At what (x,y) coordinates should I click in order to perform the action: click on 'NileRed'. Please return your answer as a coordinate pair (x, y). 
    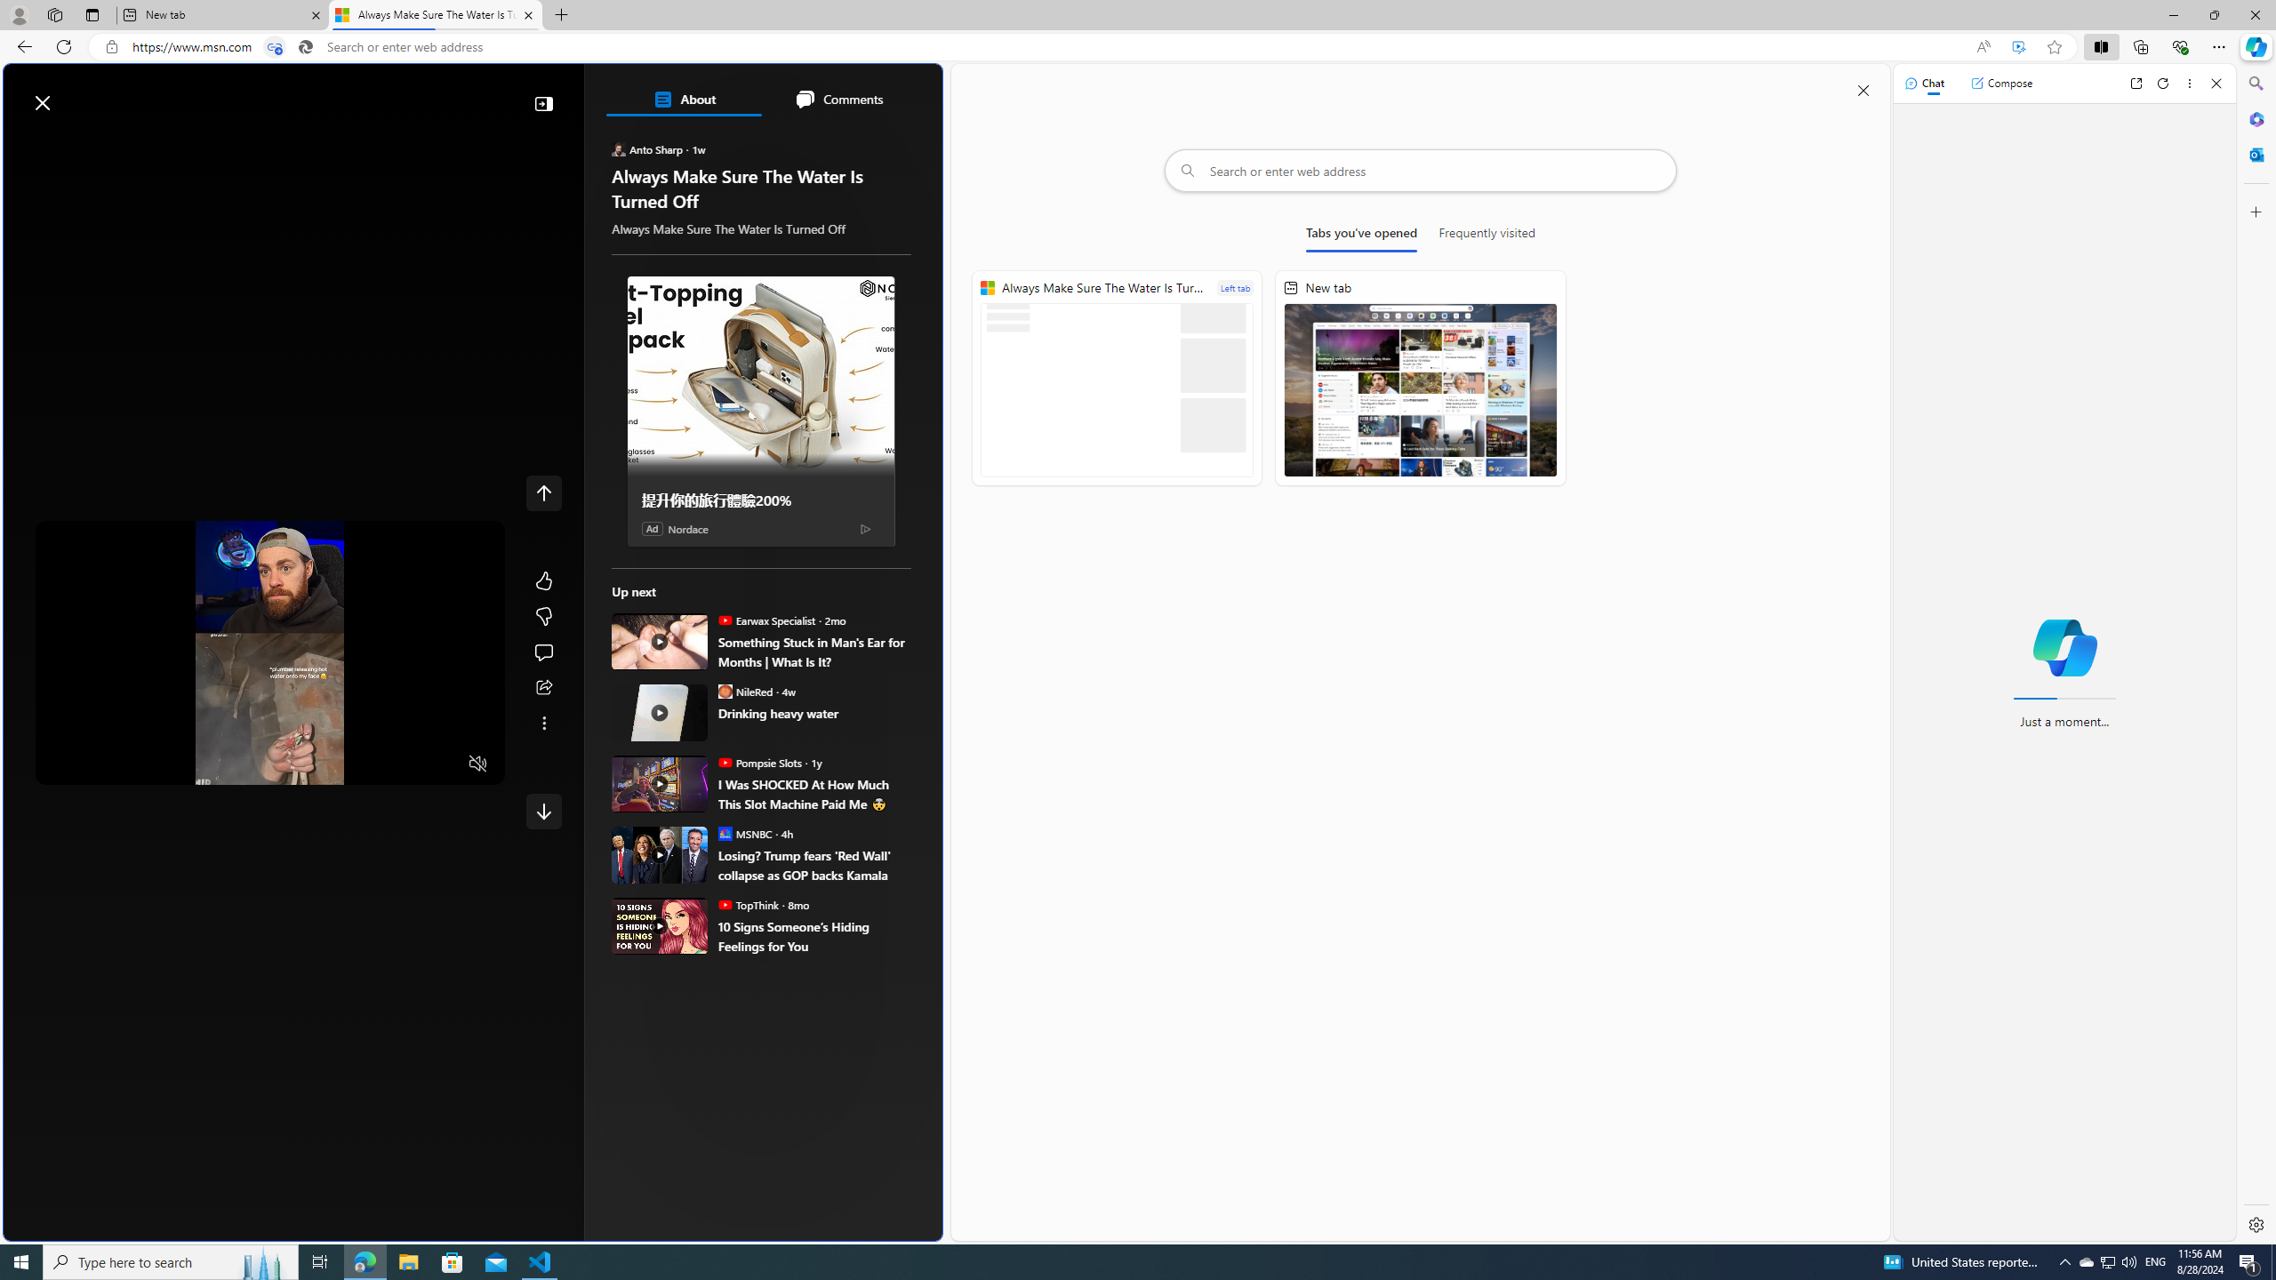
    Looking at the image, I should click on (725, 692).